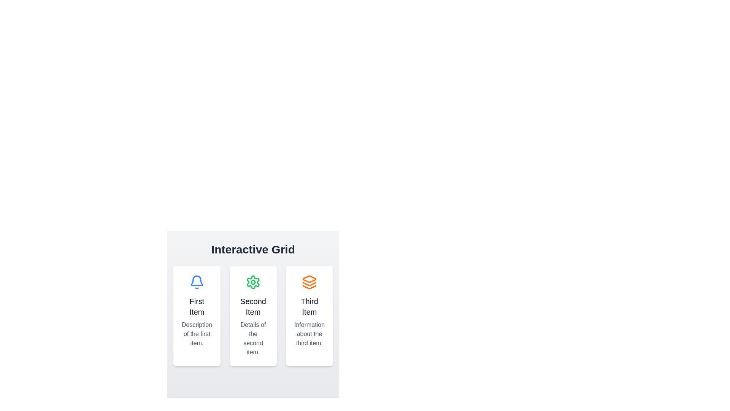  I want to click on the text label displaying 'Description of the first item.' located below the title 'First Item' within the card for 'First Item', so click(197, 334).